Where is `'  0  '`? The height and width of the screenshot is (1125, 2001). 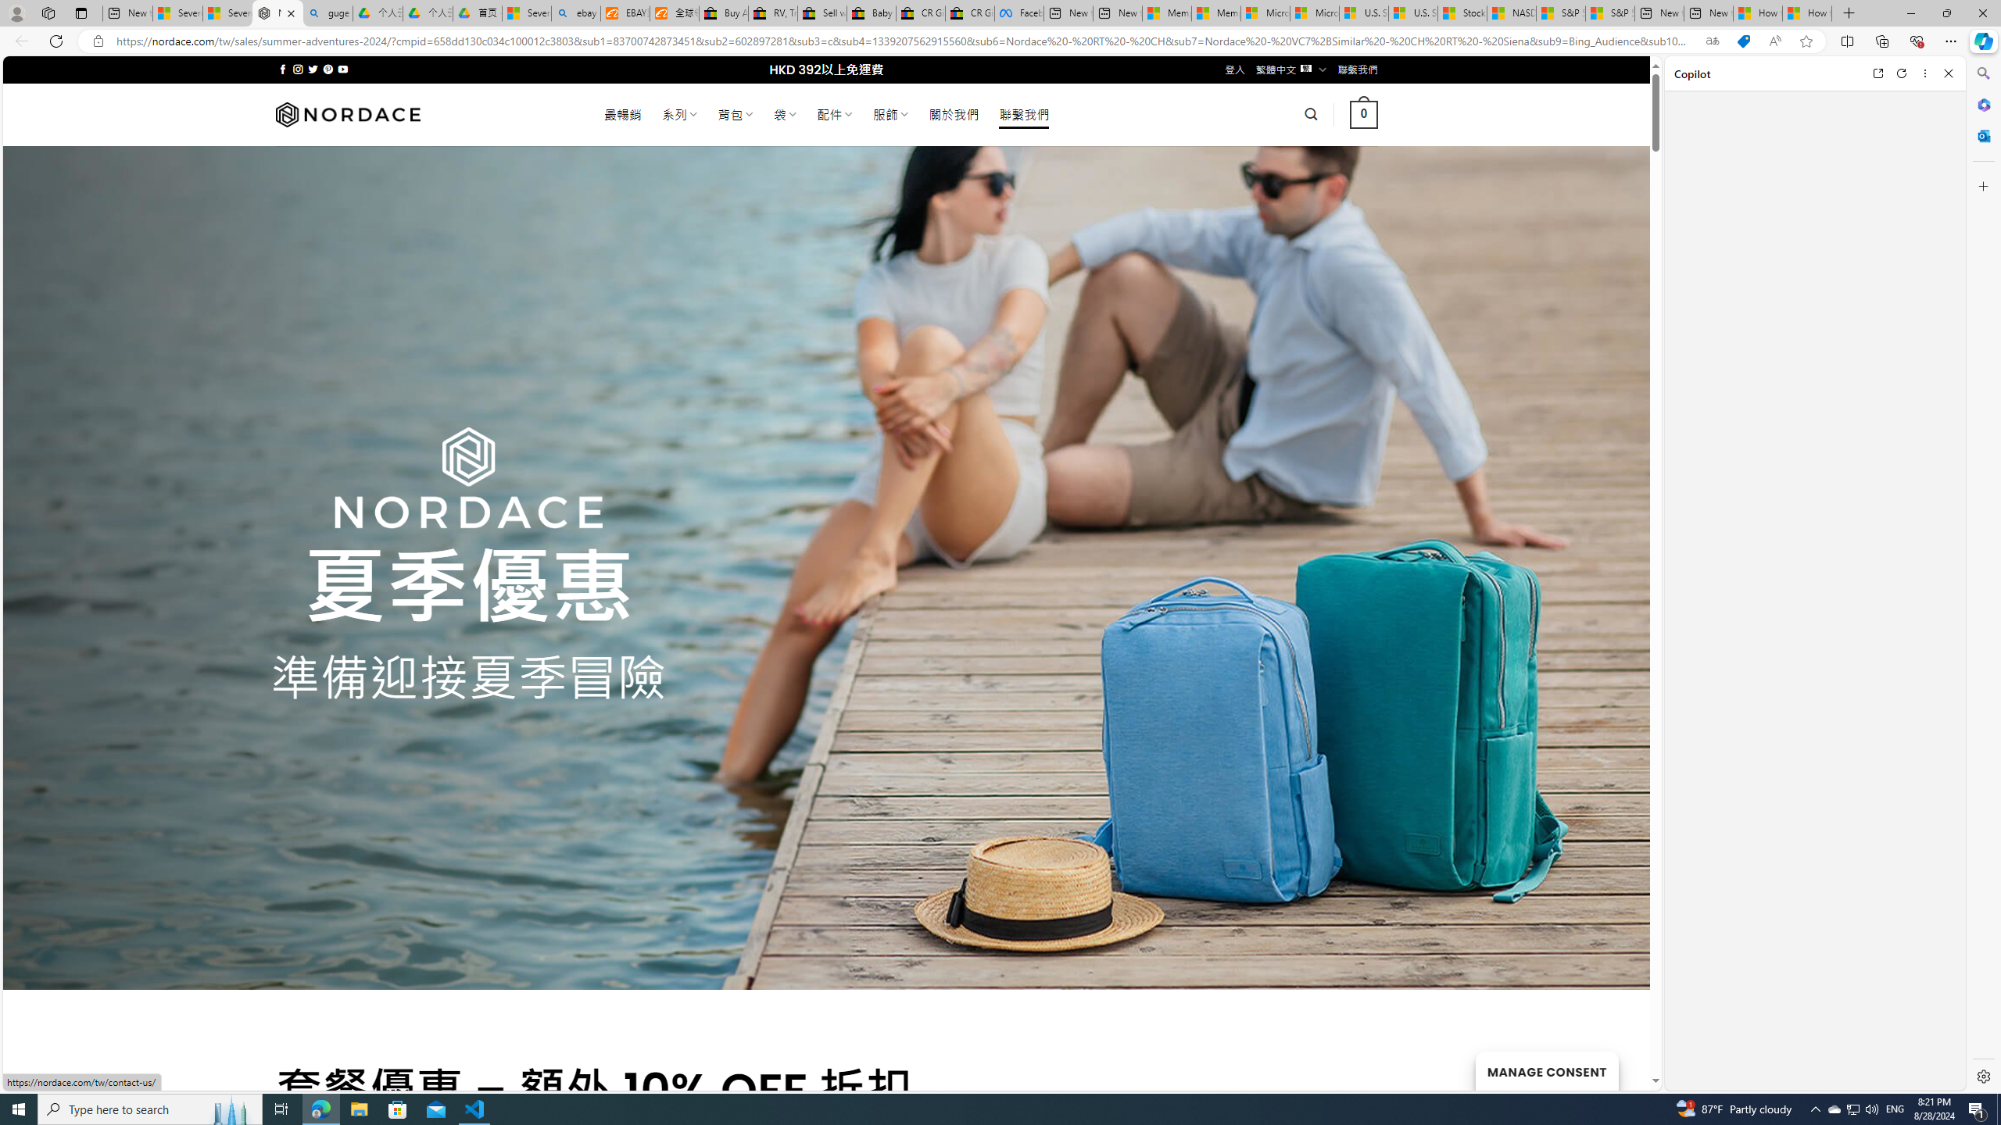
'  0  ' is located at coordinates (1363, 113).